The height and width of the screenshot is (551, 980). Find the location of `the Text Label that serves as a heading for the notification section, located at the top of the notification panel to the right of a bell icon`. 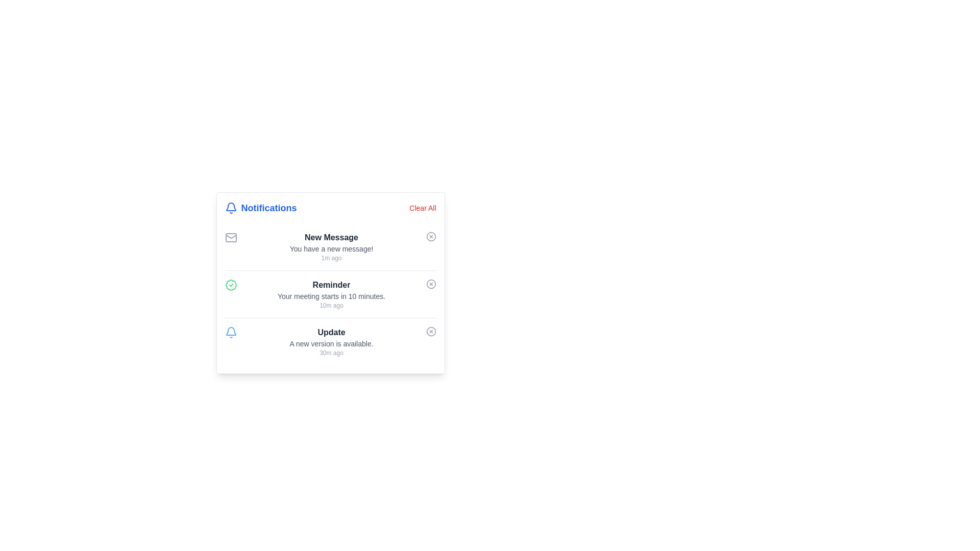

the Text Label that serves as a heading for the notification section, located at the top of the notification panel to the right of a bell icon is located at coordinates (269, 208).